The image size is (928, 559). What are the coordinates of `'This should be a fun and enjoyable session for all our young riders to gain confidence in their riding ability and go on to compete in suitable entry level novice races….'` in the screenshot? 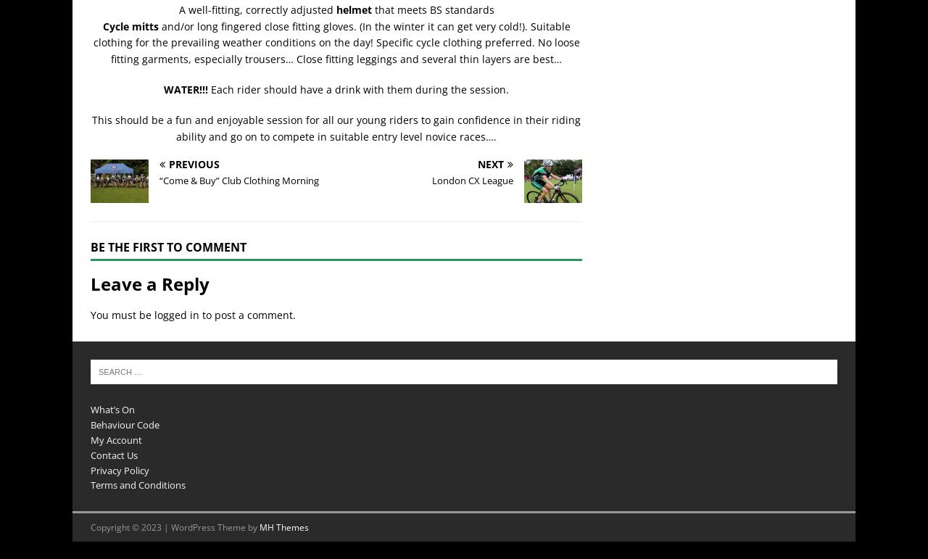 It's located at (336, 127).